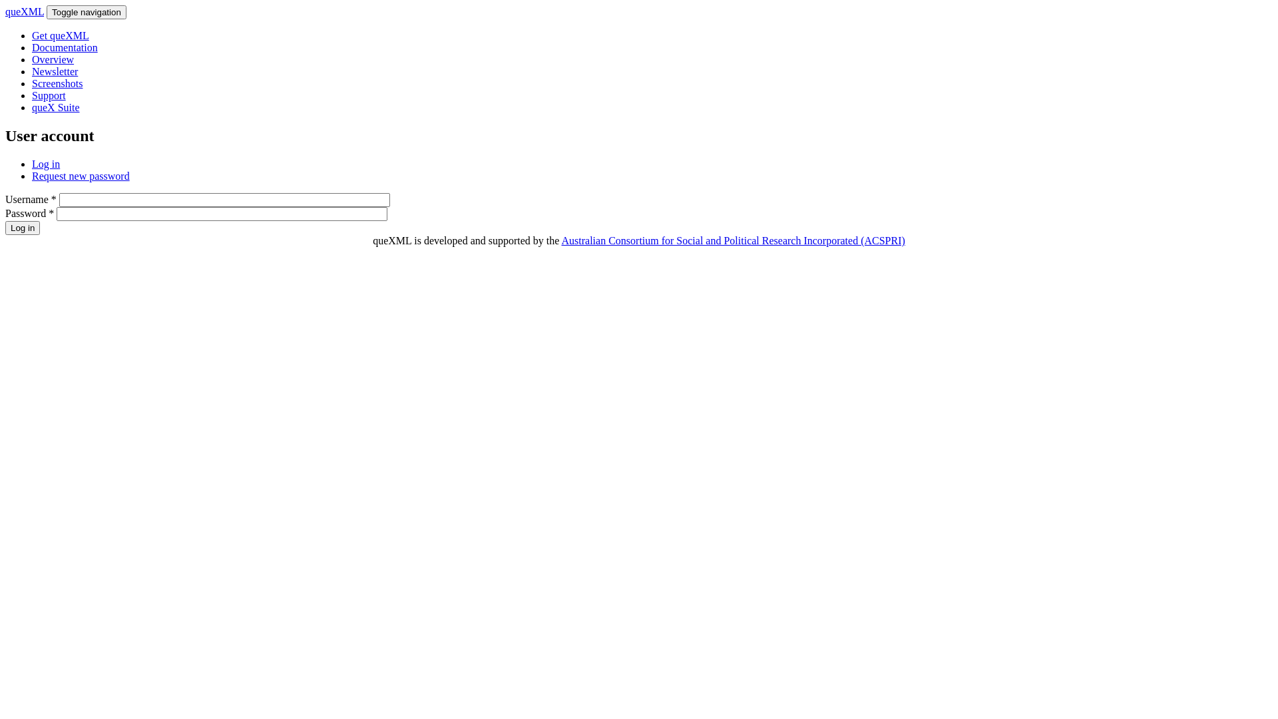 This screenshot has height=719, width=1278. I want to click on 'Support', so click(49, 95).